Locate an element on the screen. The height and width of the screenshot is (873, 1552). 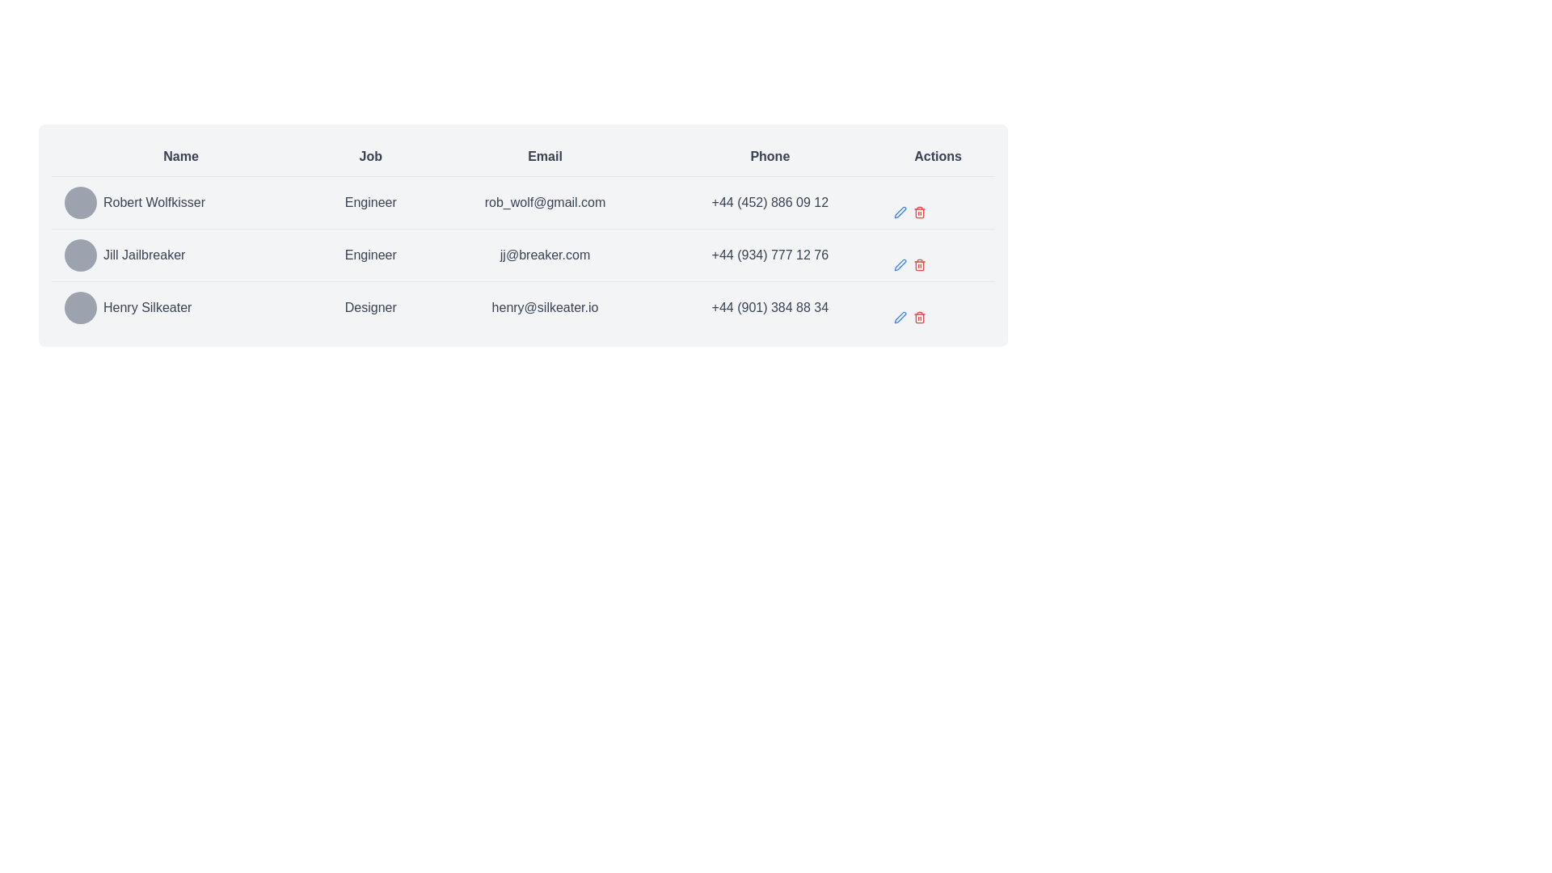
the circular gray icon adjacent to the text label 'Robert Wolfkisser', which is the first entry in the 'Name' column of the table is located at coordinates (181, 201).